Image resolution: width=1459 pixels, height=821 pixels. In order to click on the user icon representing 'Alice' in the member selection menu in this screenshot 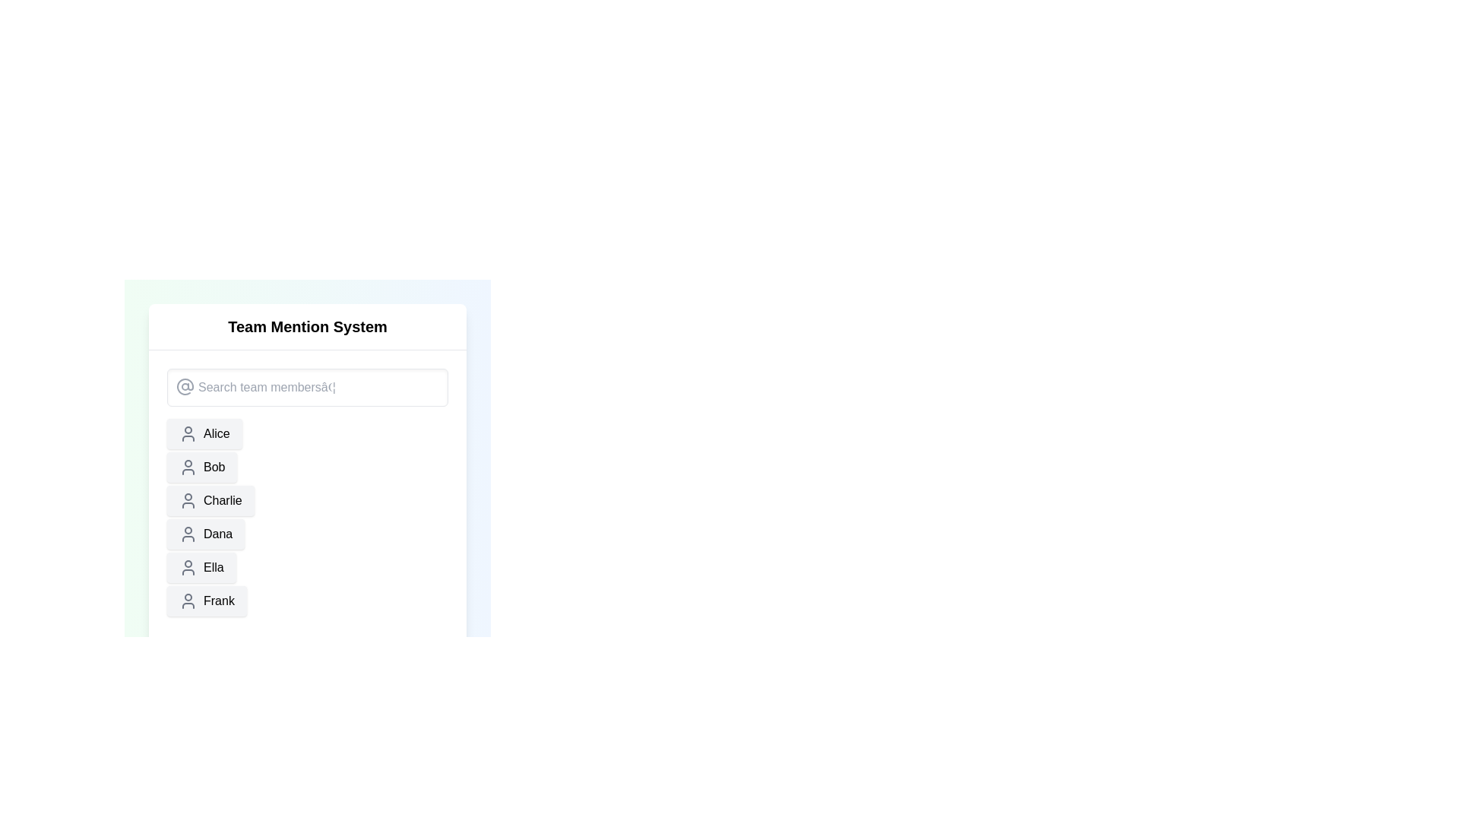, I will do `click(188, 433)`.